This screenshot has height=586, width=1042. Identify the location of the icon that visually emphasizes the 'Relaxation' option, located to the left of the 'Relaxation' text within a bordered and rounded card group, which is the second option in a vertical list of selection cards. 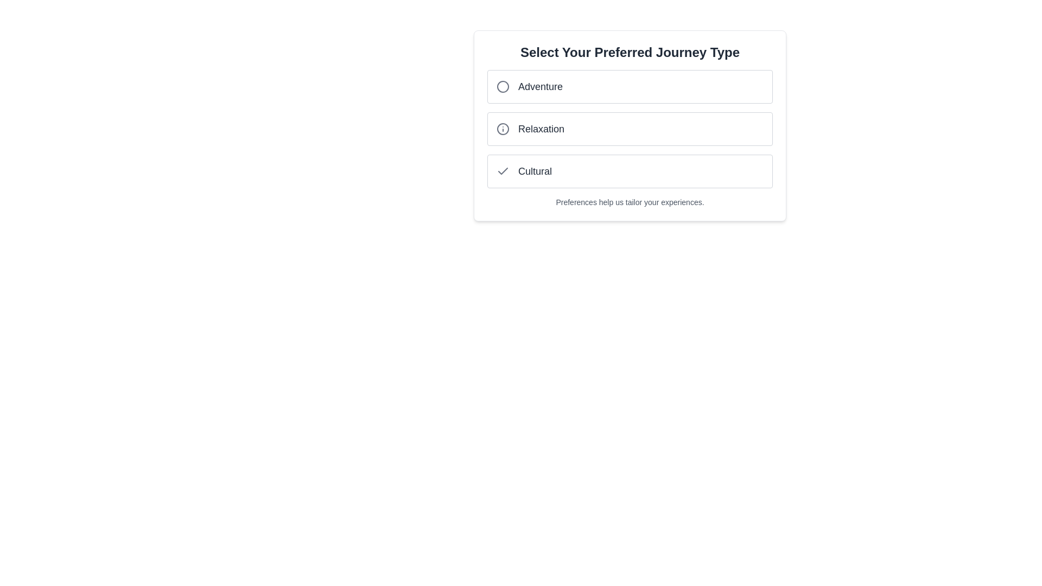
(502, 129).